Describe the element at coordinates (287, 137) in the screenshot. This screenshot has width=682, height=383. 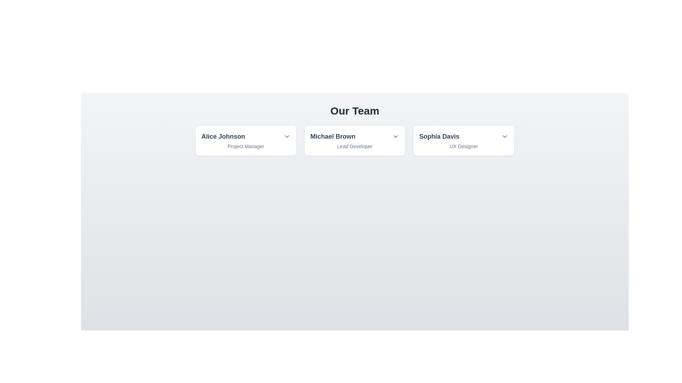
I see `the dropdown indicator (chevron icon) located at the right side of the 'Alice Johnson' card` at that location.